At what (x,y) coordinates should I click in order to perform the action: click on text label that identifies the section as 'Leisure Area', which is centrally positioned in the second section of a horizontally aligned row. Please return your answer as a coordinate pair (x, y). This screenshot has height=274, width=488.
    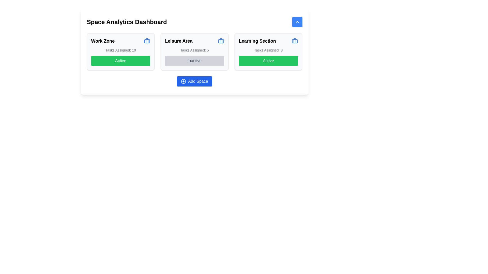
    Looking at the image, I should click on (179, 41).